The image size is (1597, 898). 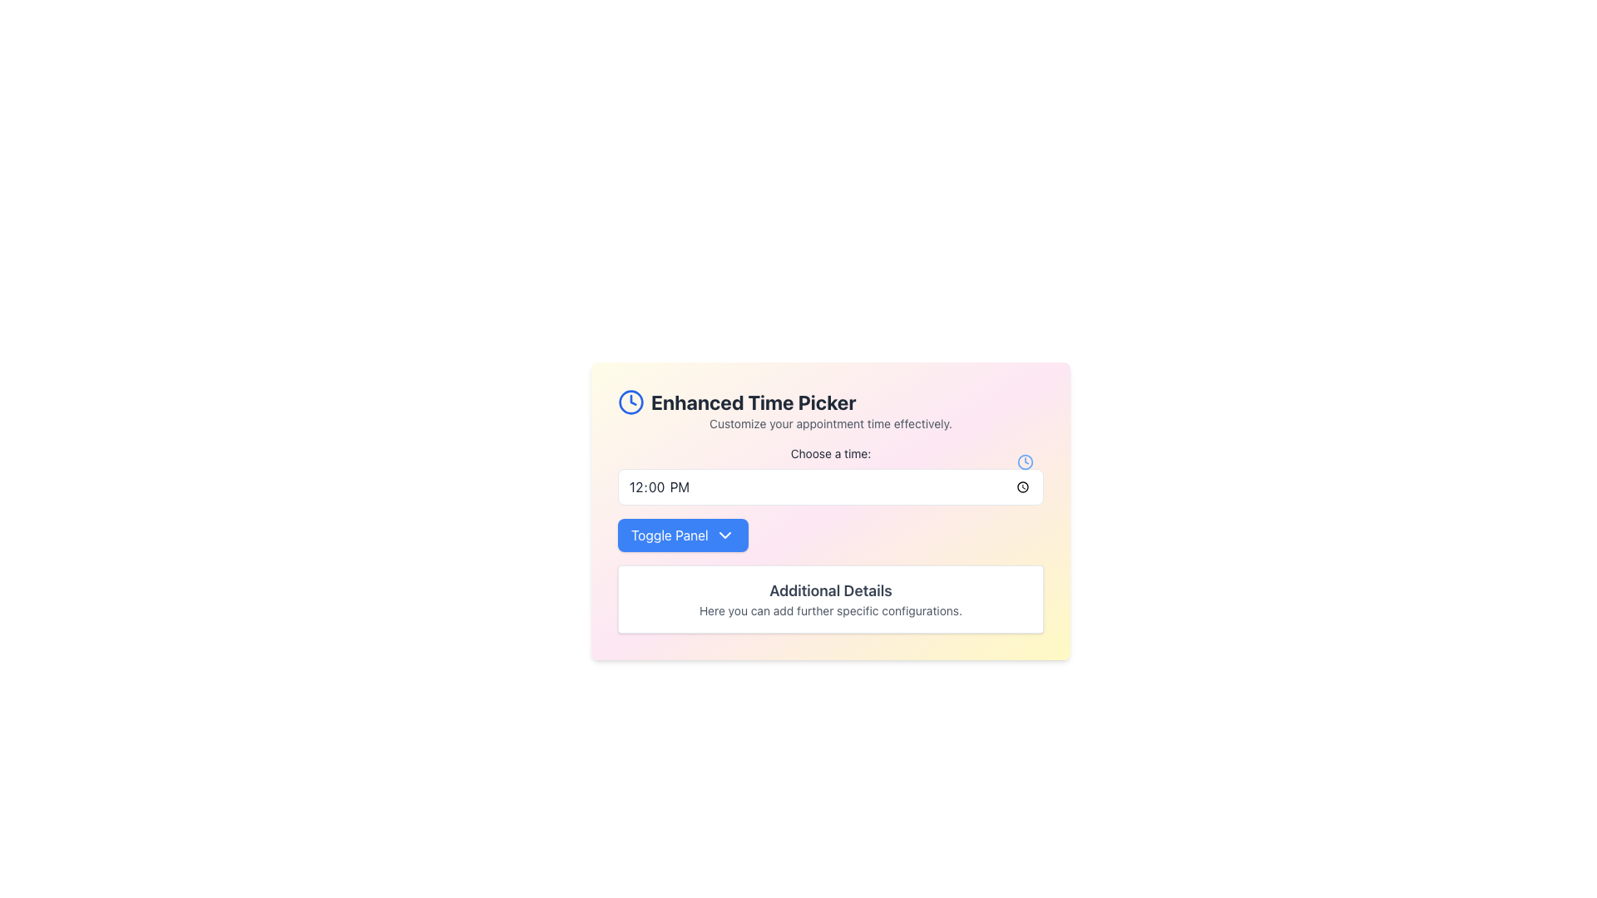 I want to click on text content of the 'Enhanced Time Picker' section, which includes a bold title and a descriptive text below it, so click(x=830, y=410).